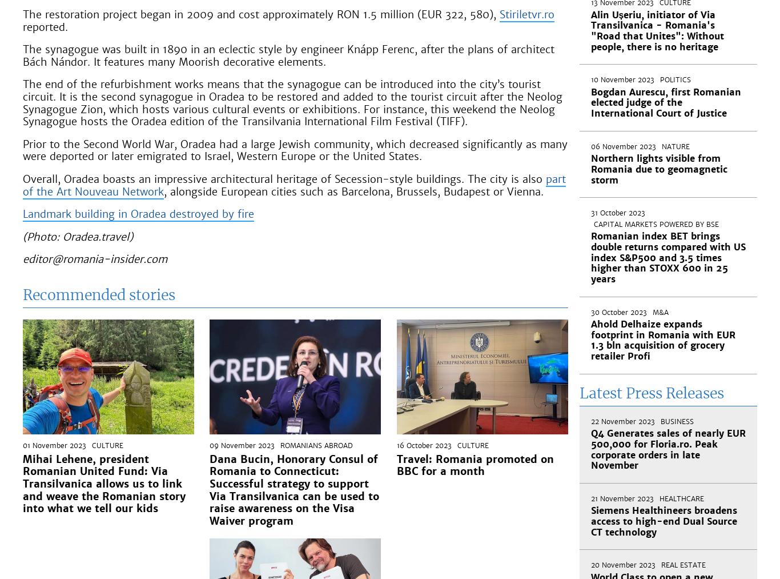 The width and height of the screenshot is (780, 579). What do you see at coordinates (656, 224) in the screenshot?
I see `'Capital markets powered by BSE'` at bounding box center [656, 224].